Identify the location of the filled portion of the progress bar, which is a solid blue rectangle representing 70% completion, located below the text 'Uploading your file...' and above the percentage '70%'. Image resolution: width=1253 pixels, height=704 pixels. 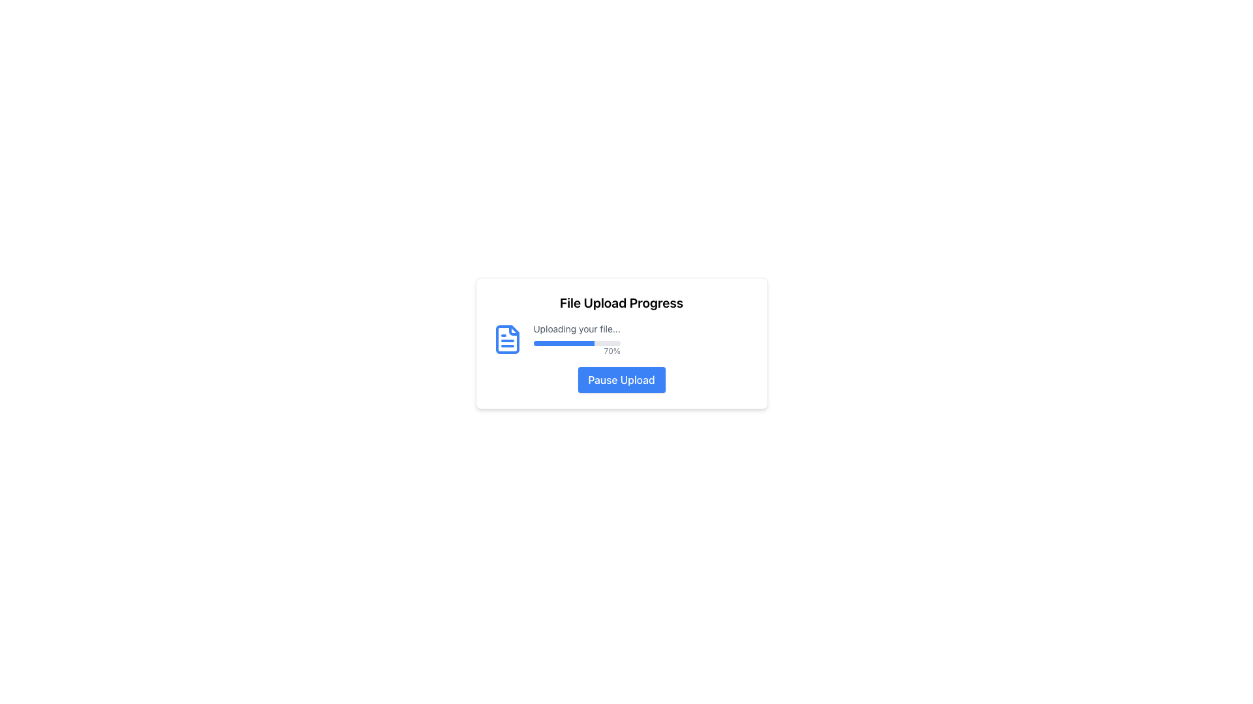
(564, 343).